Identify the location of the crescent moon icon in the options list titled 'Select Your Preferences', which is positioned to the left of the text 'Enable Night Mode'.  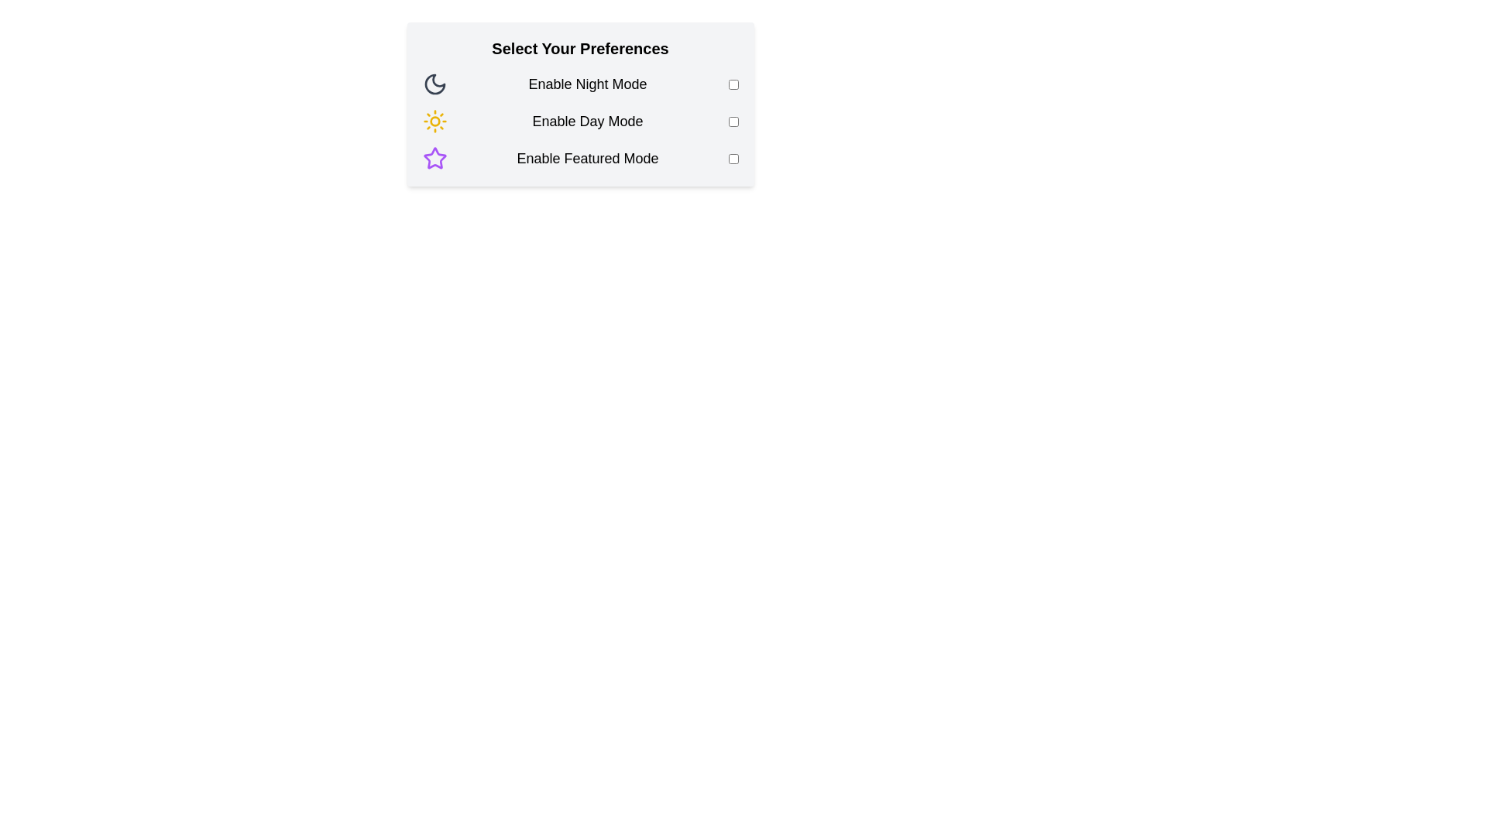
(434, 84).